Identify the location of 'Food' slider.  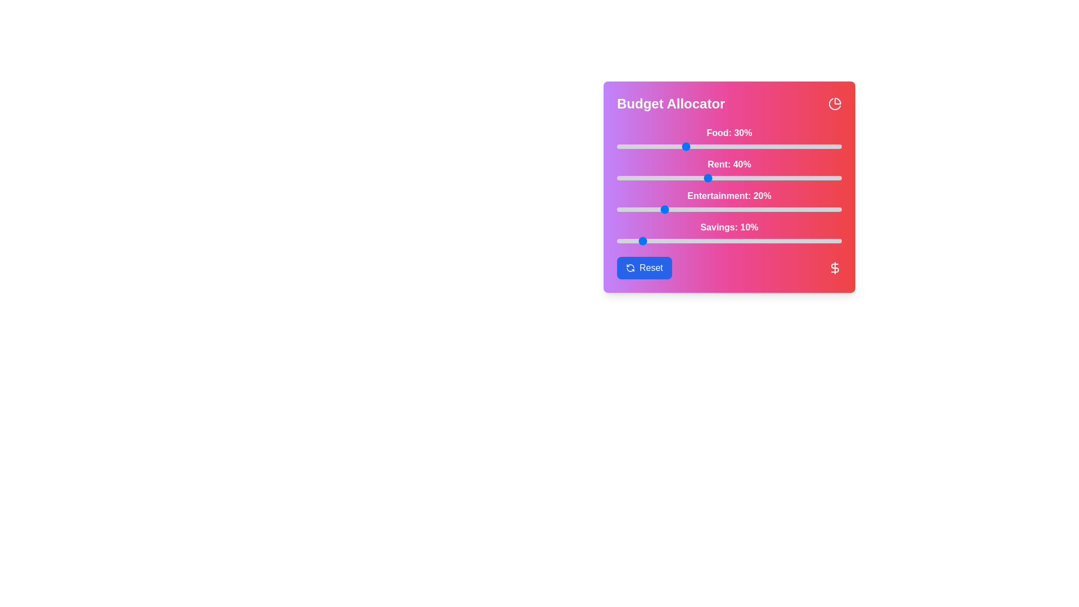
(831, 146).